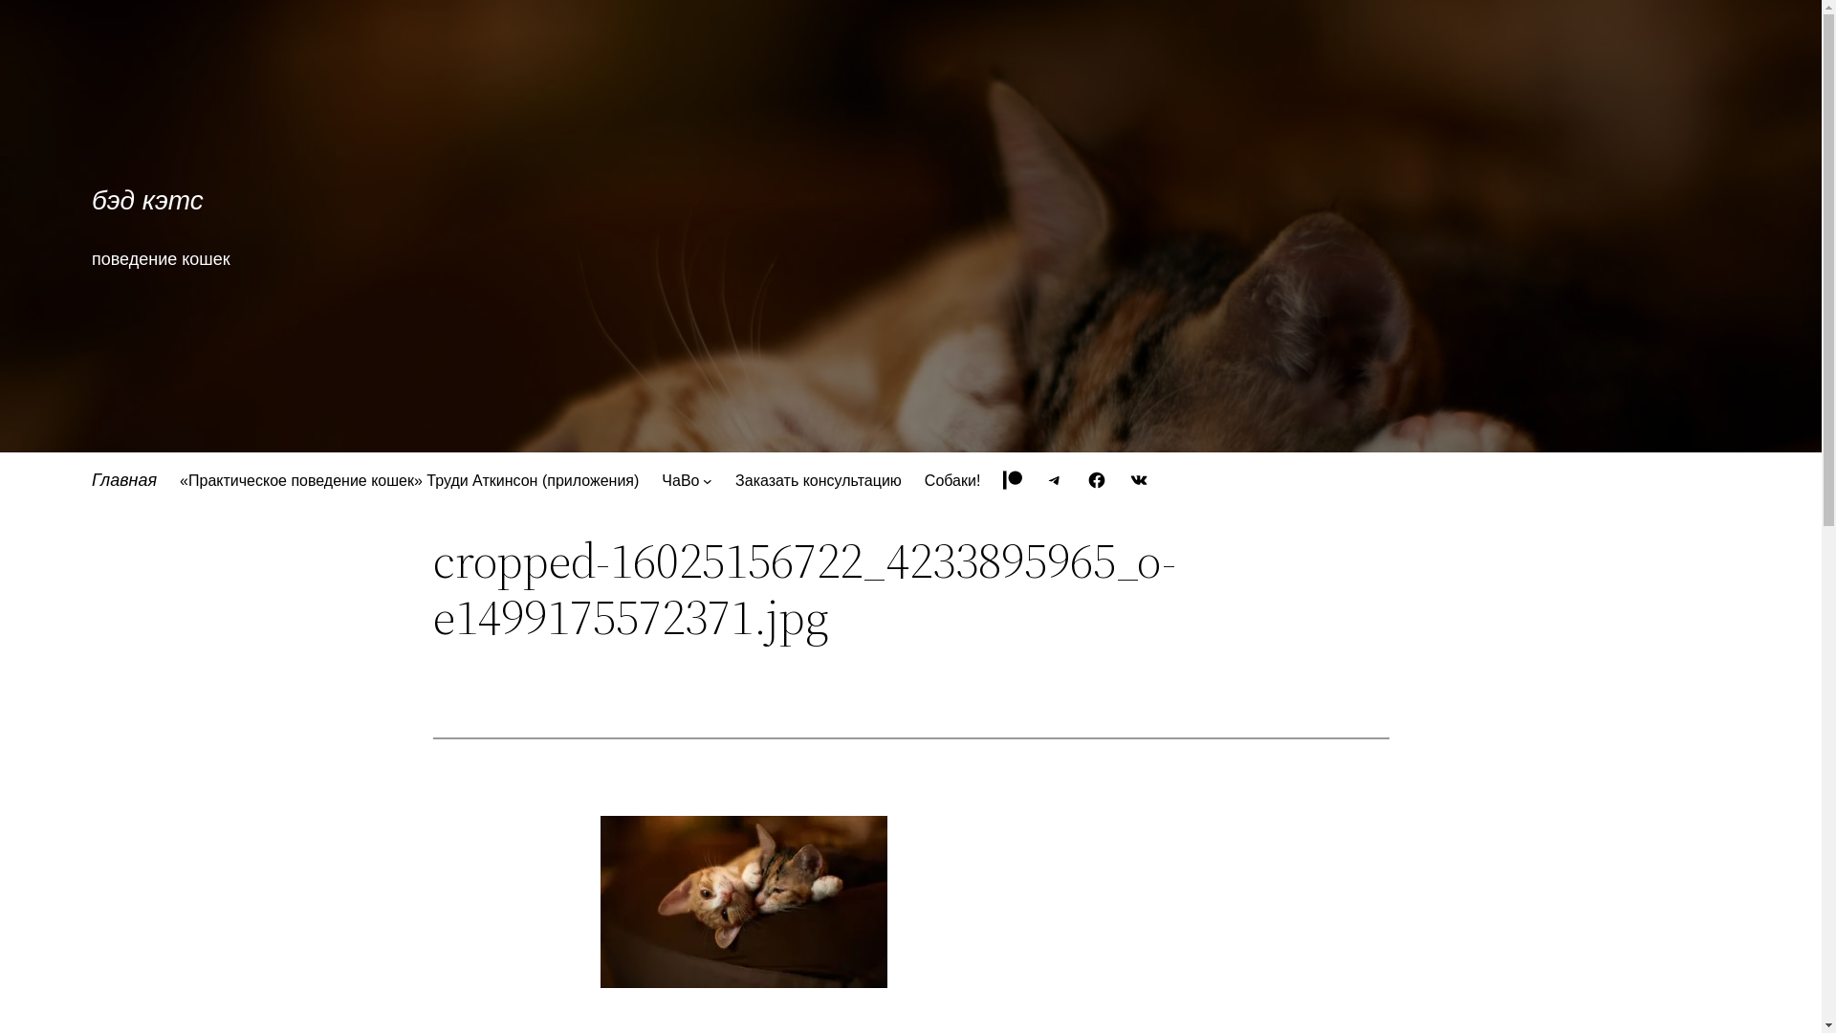 The width and height of the screenshot is (1836, 1033). Describe the element at coordinates (1097, 478) in the screenshot. I see `'Facebook'` at that location.